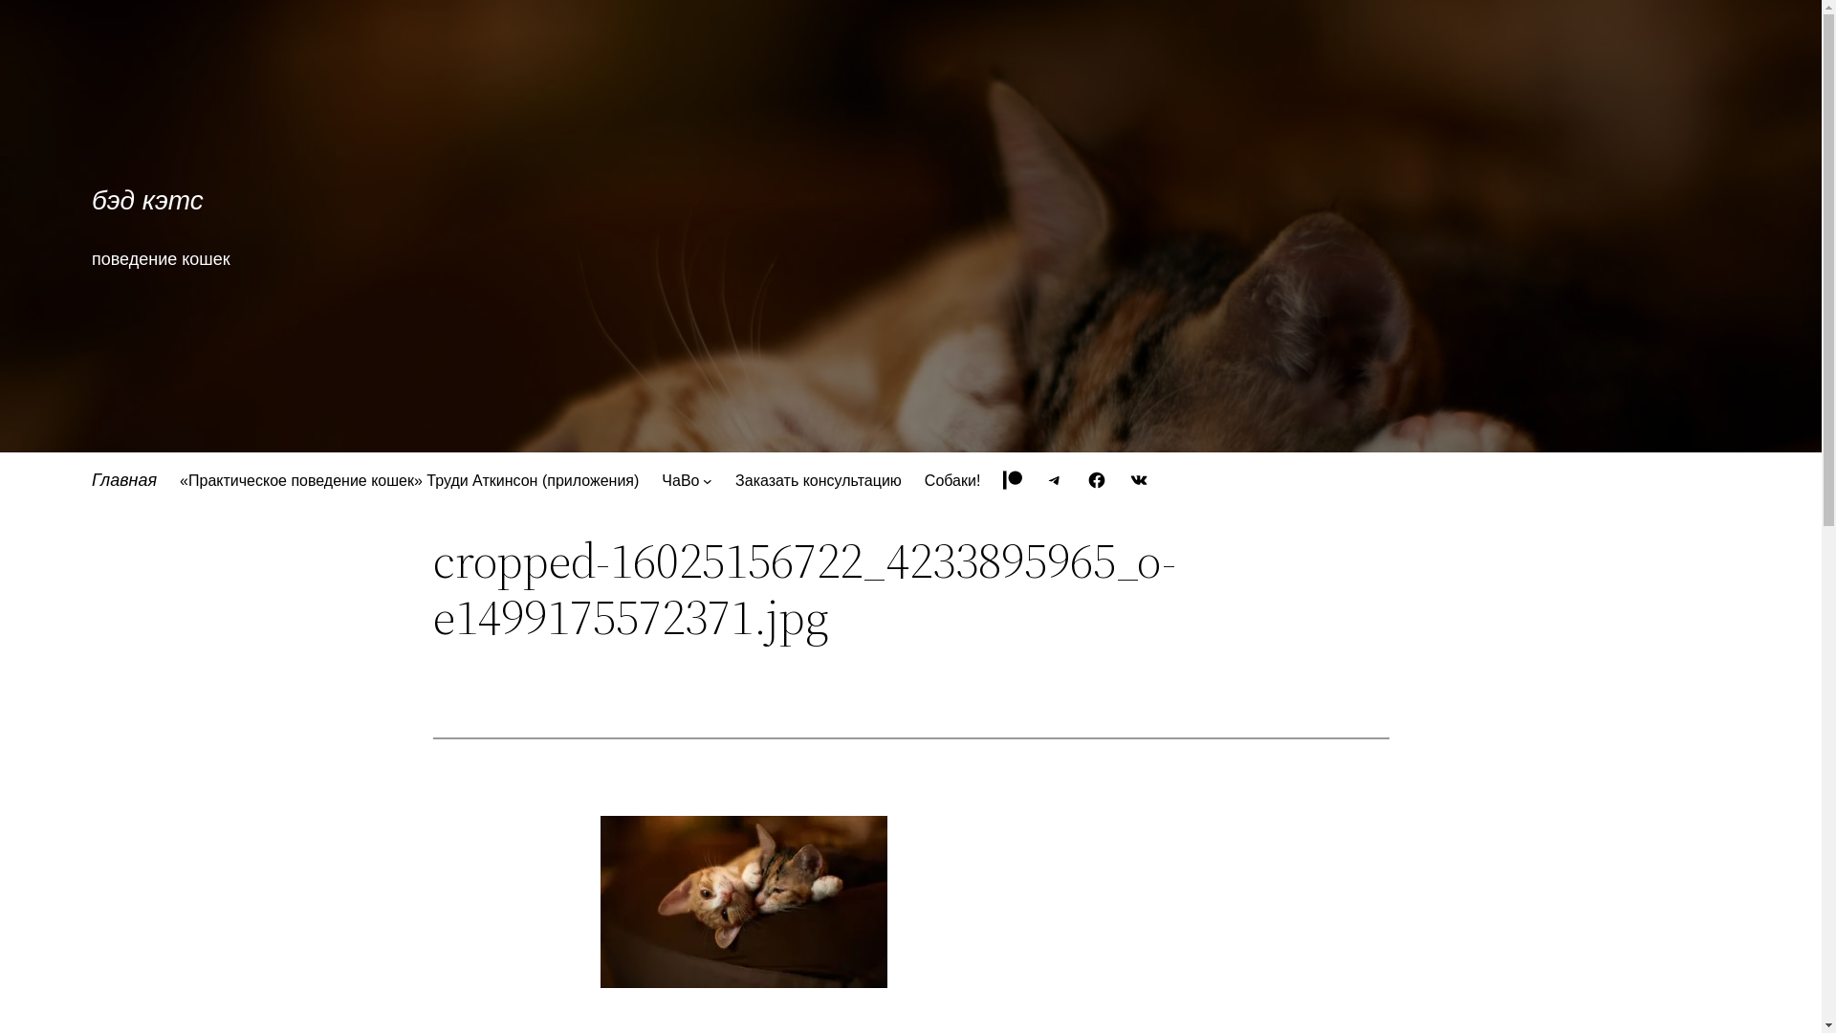 The width and height of the screenshot is (1836, 1033). Describe the element at coordinates (1097, 478) in the screenshot. I see `'Facebook'` at that location.